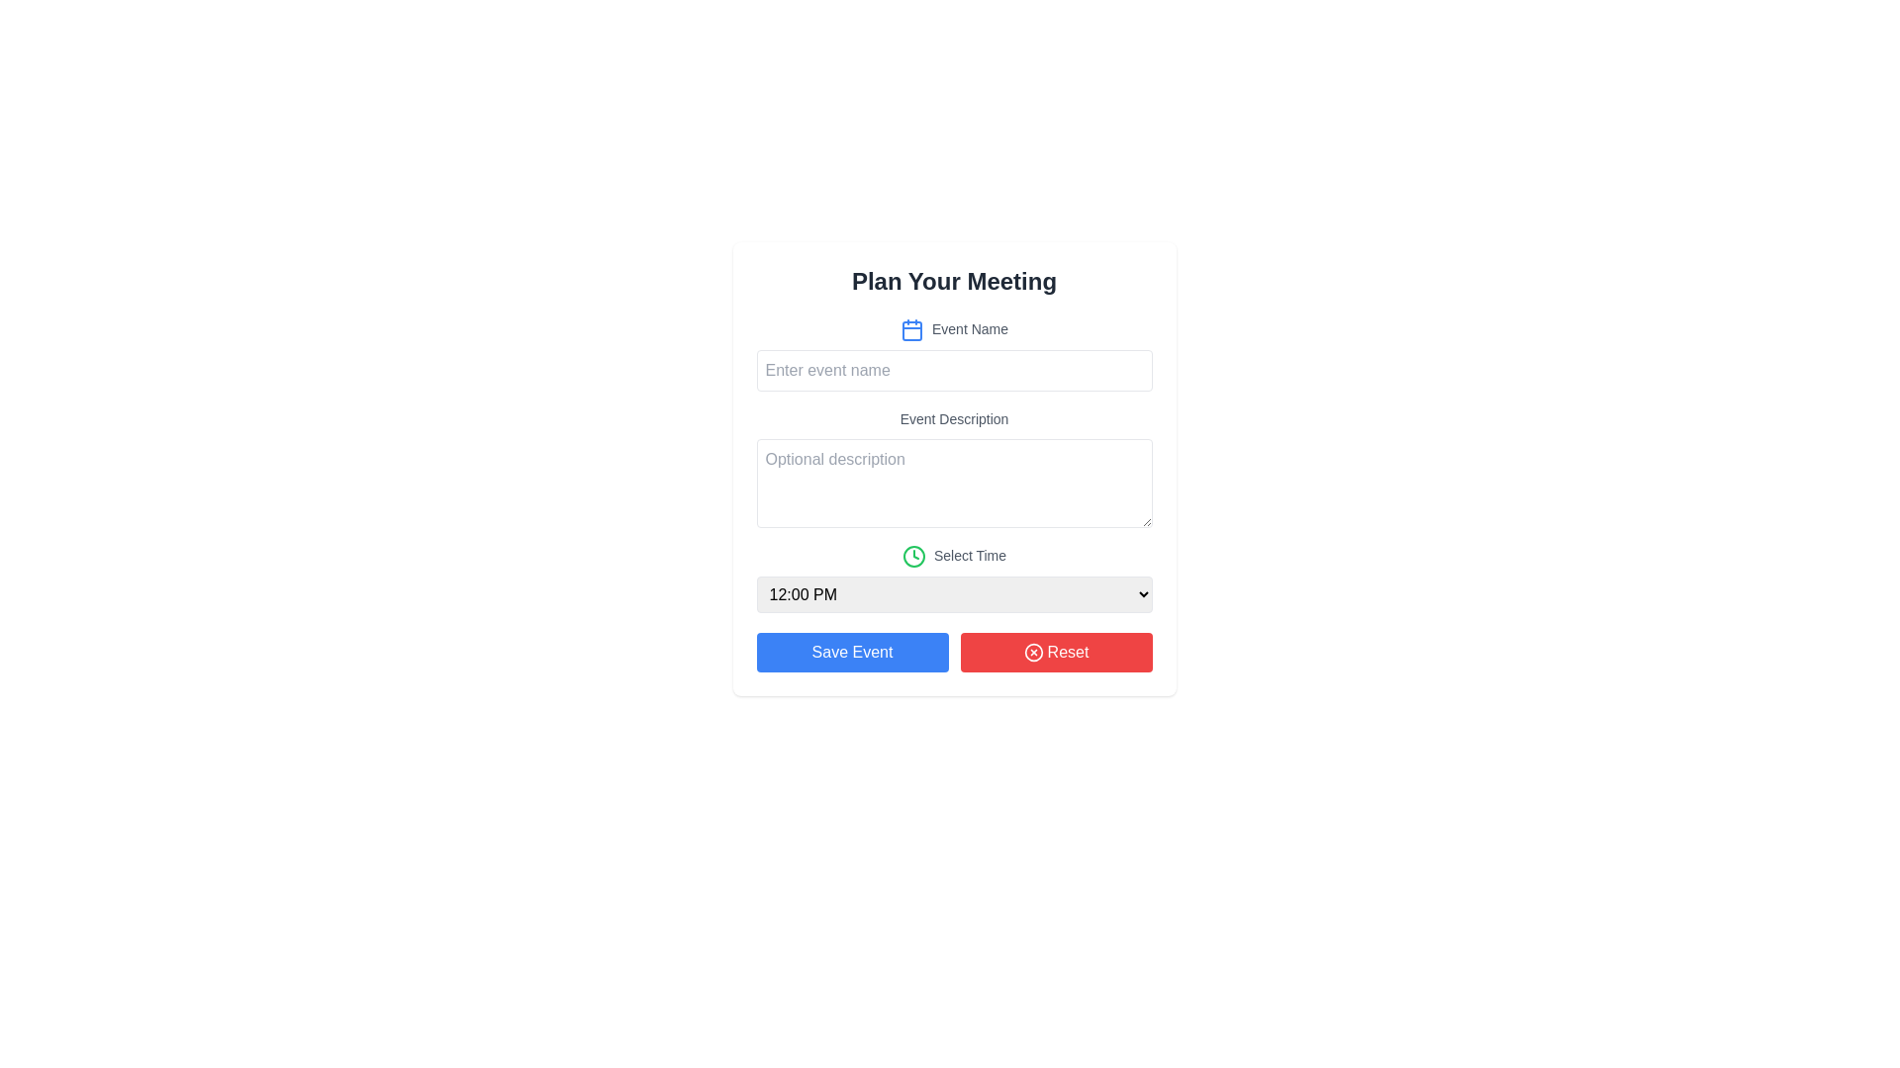 Image resolution: width=1900 pixels, height=1068 pixels. Describe the element at coordinates (852, 652) in the screenshot. I see `the 'Save Event' button, which has a blue background and white text, located at the bottom of the layout as the leftmost button in a group of two buttons` at that location.